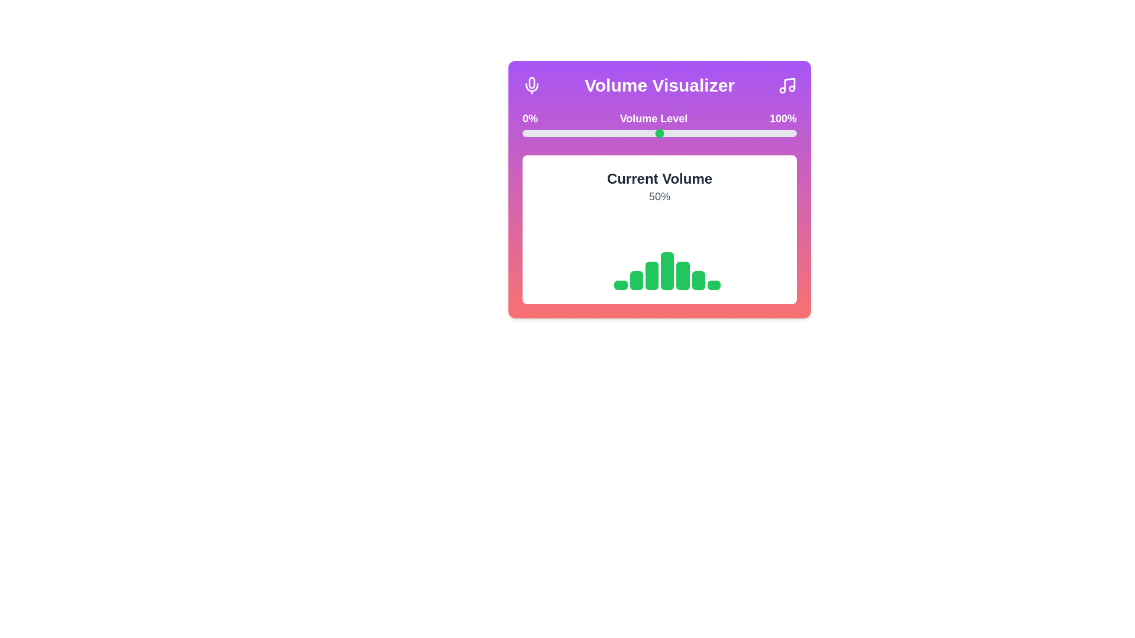  I want to click on the volume slider to set the volume to 70%, so click(714, 133).